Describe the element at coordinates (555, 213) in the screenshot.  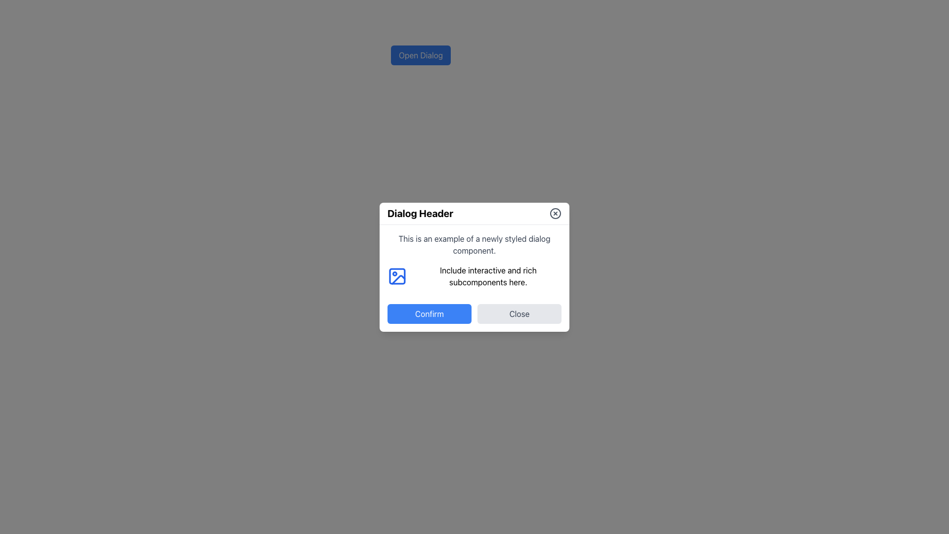
I see `the decorative SVG Circle that forms part of the close icon in the top-right corner of the dialog box` at that location.